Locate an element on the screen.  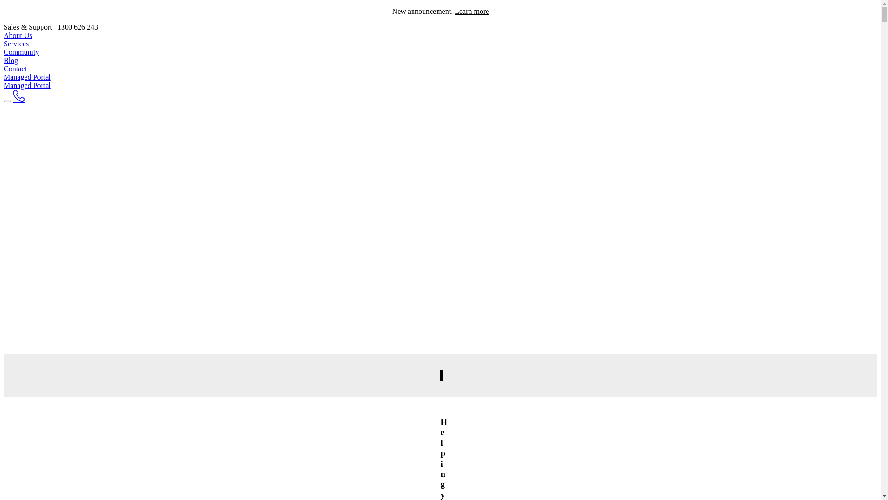
'Services' is located at coordinates (16, 44).